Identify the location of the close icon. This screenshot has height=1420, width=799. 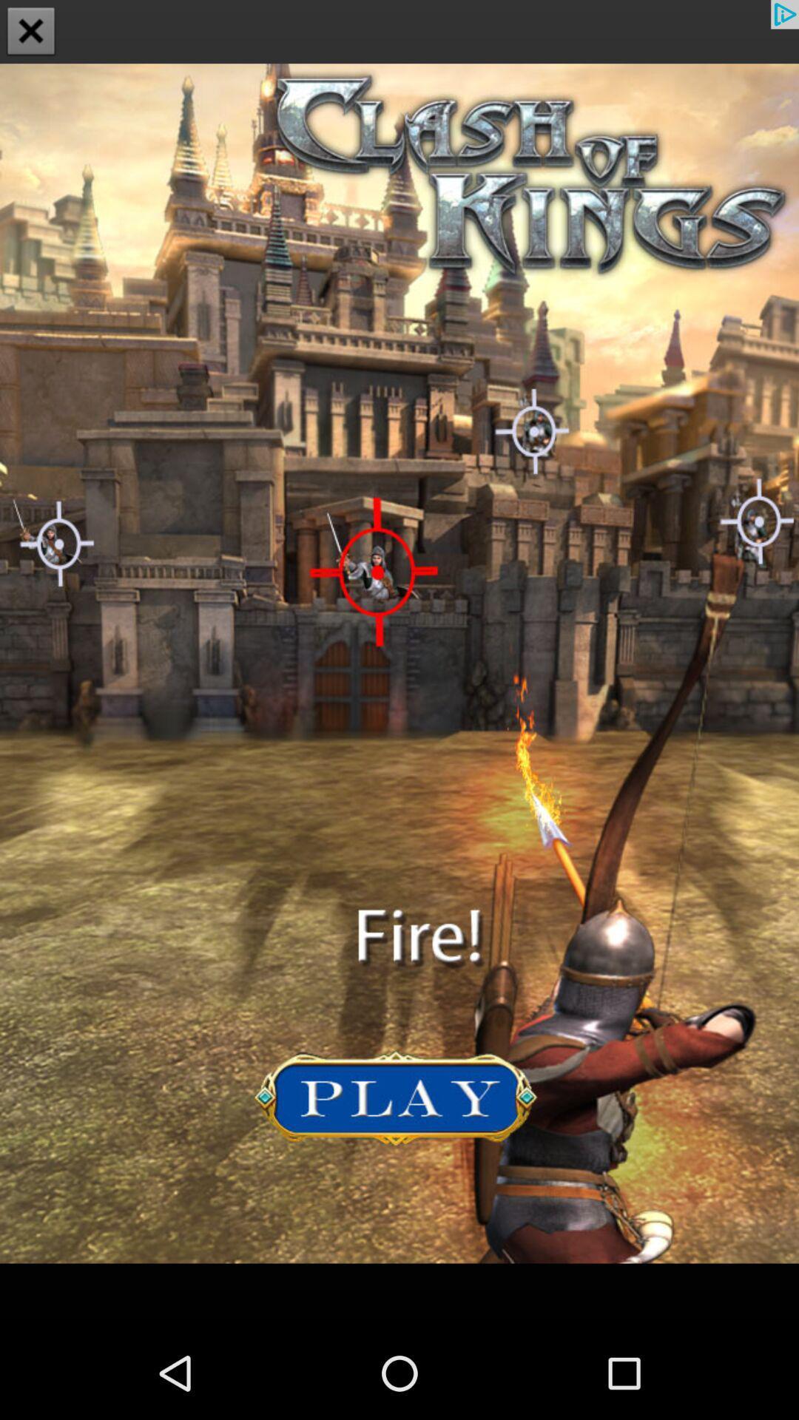
(31, 33).